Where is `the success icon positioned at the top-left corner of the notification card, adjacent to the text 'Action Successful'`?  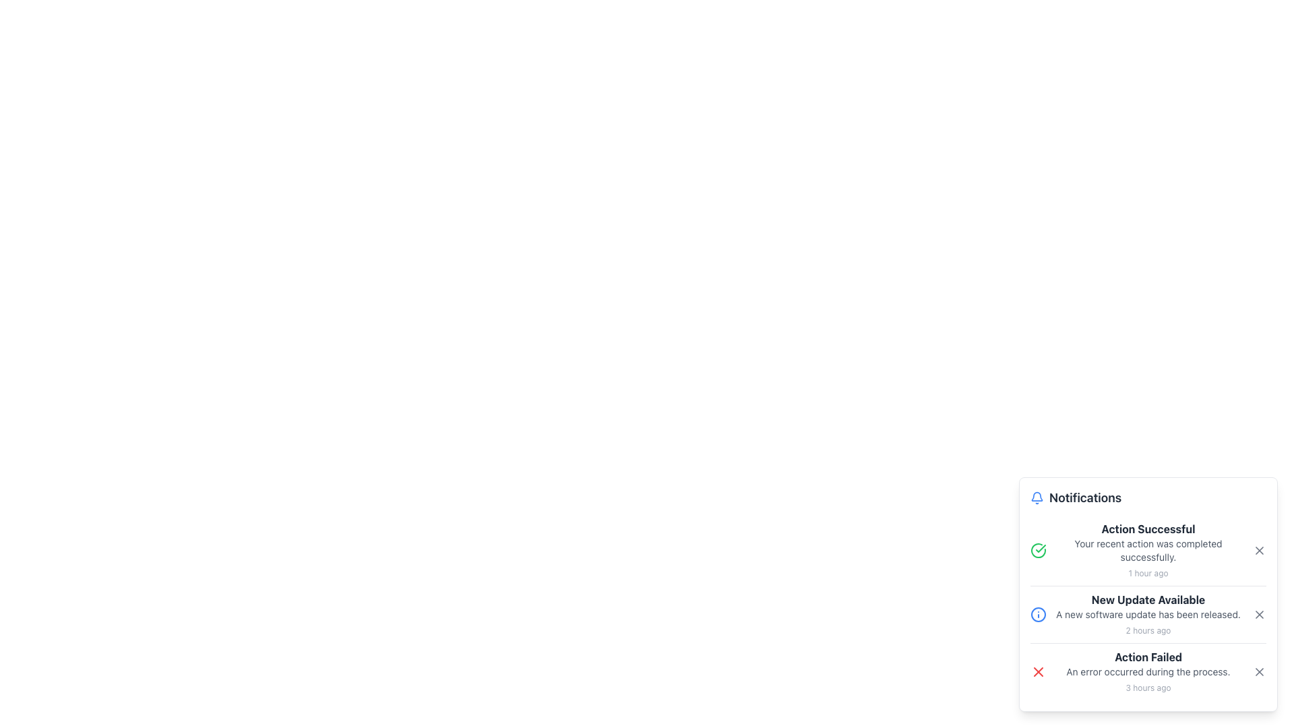
the success icon positioned at the top-left corner of the notification card, adjacent to the text 'Action Successful' is located at coordinates (1037, 551).